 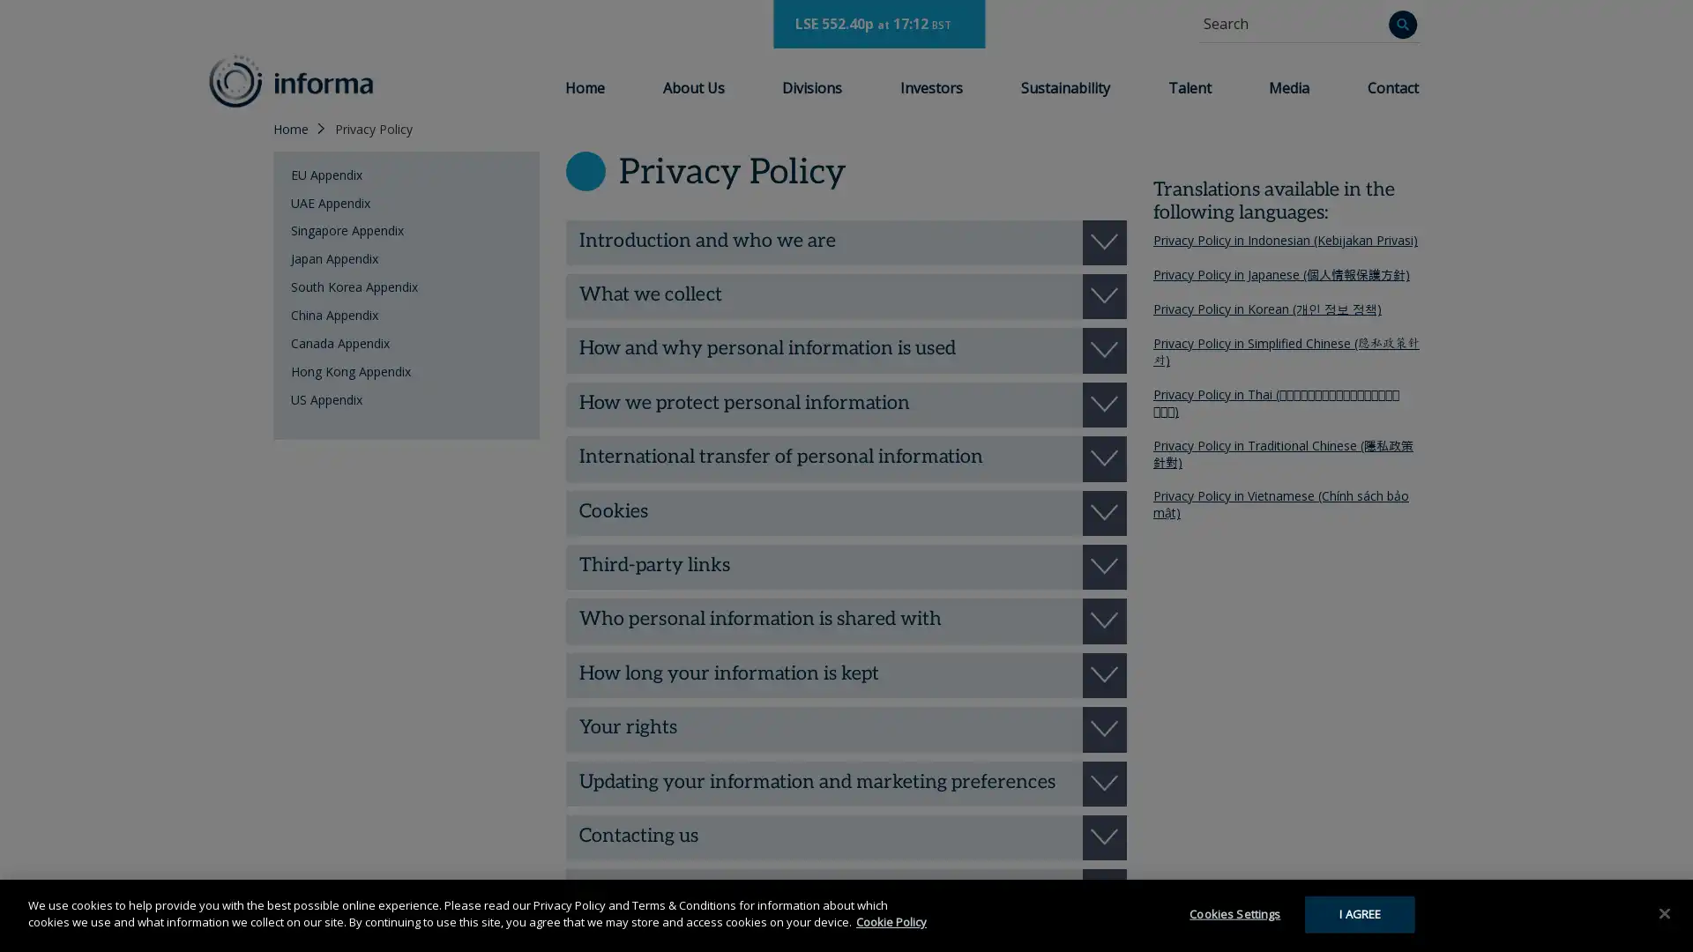 What do you see at coordinates (1234, 913) in the screenshot?
I see `Cookies Settings` at bounding box center [1234, 913].